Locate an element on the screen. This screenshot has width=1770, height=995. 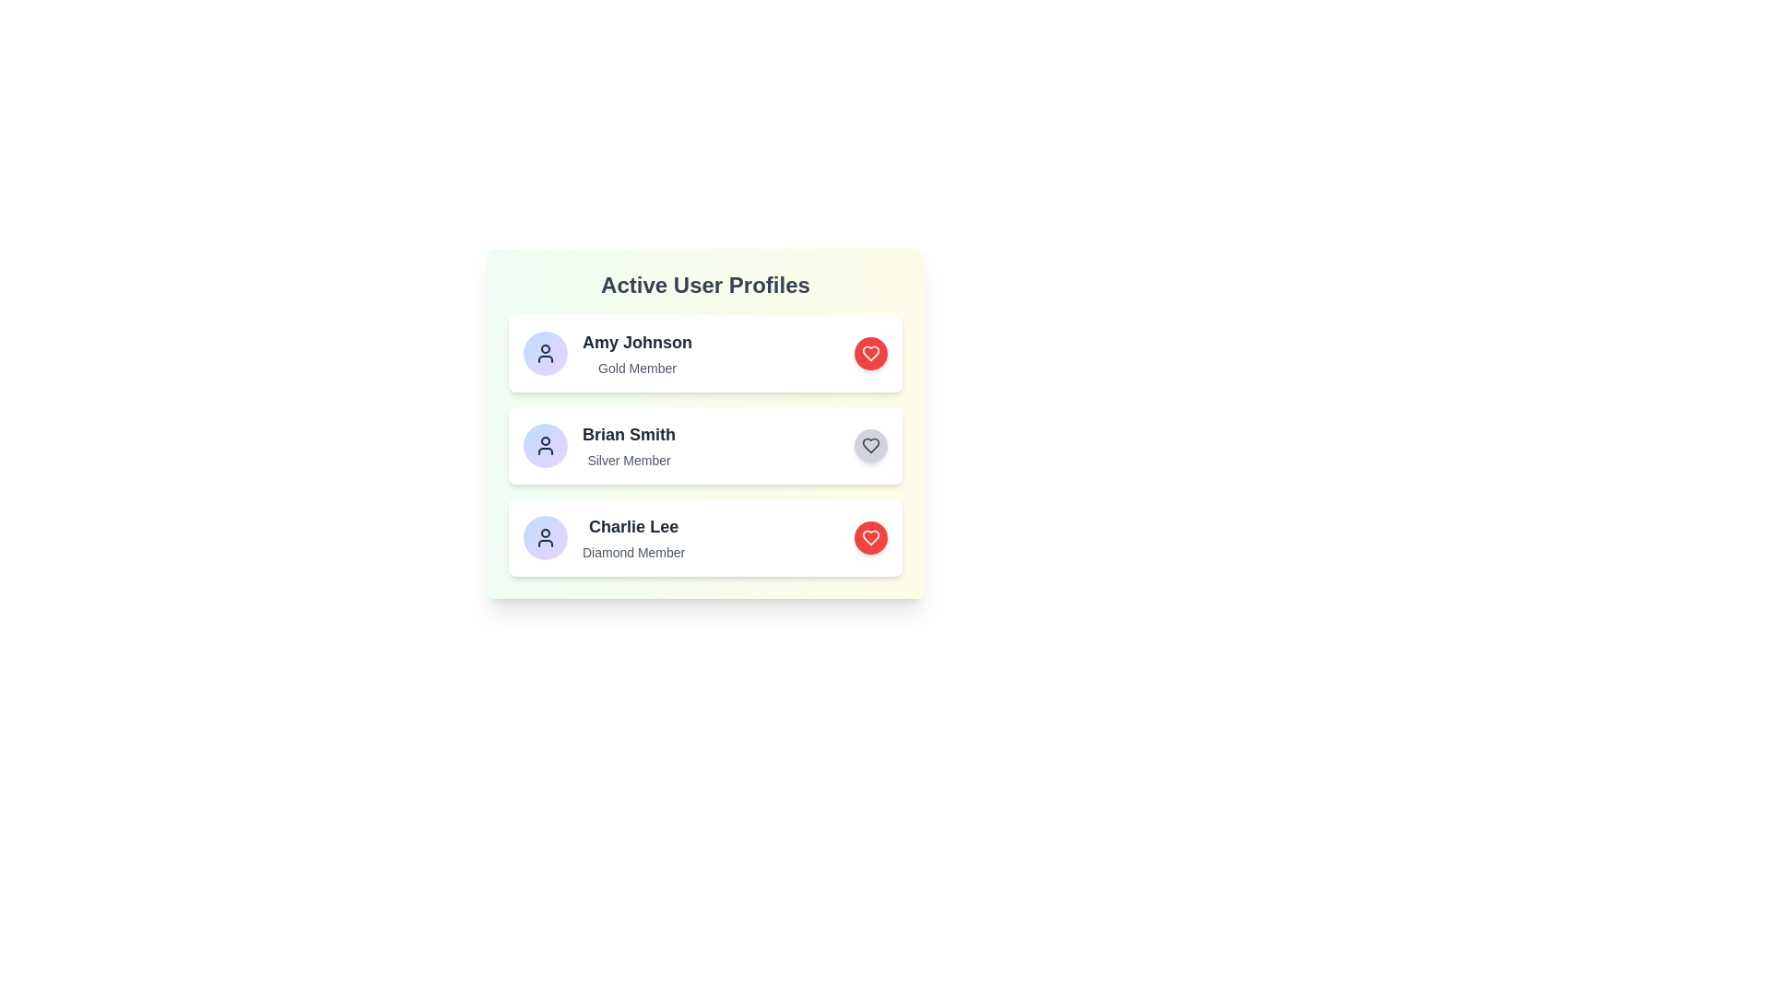
information displayed in the text block containing 'Charlie Lee' in bold and 'Diamond Member' below it, which is the last element in the listed user profiles section is located at coordinates (633, 537).